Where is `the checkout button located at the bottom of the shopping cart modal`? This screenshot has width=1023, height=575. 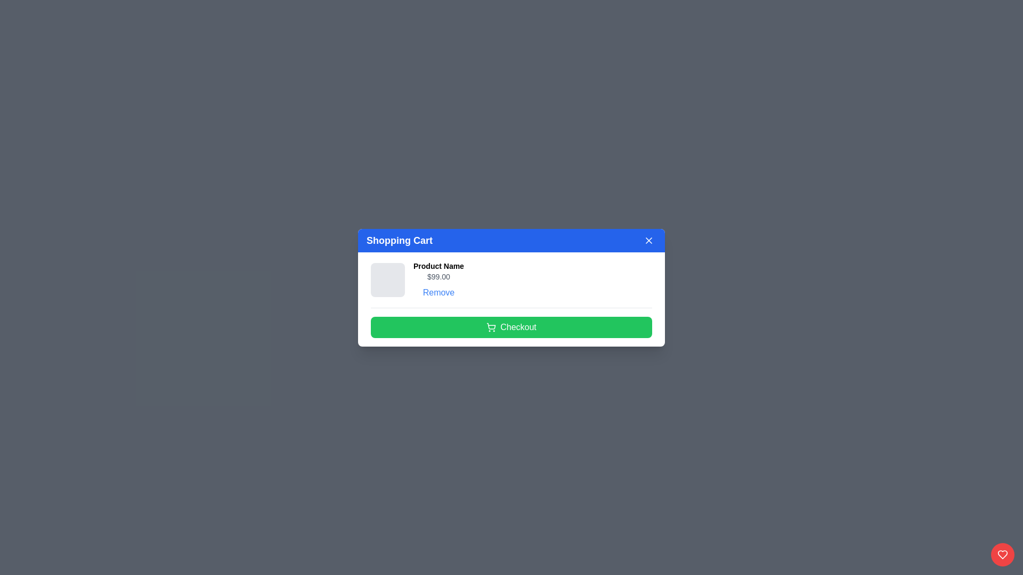 the checkout button located at the bottom of the shopping cart modal is located at coordinates (511, 326).